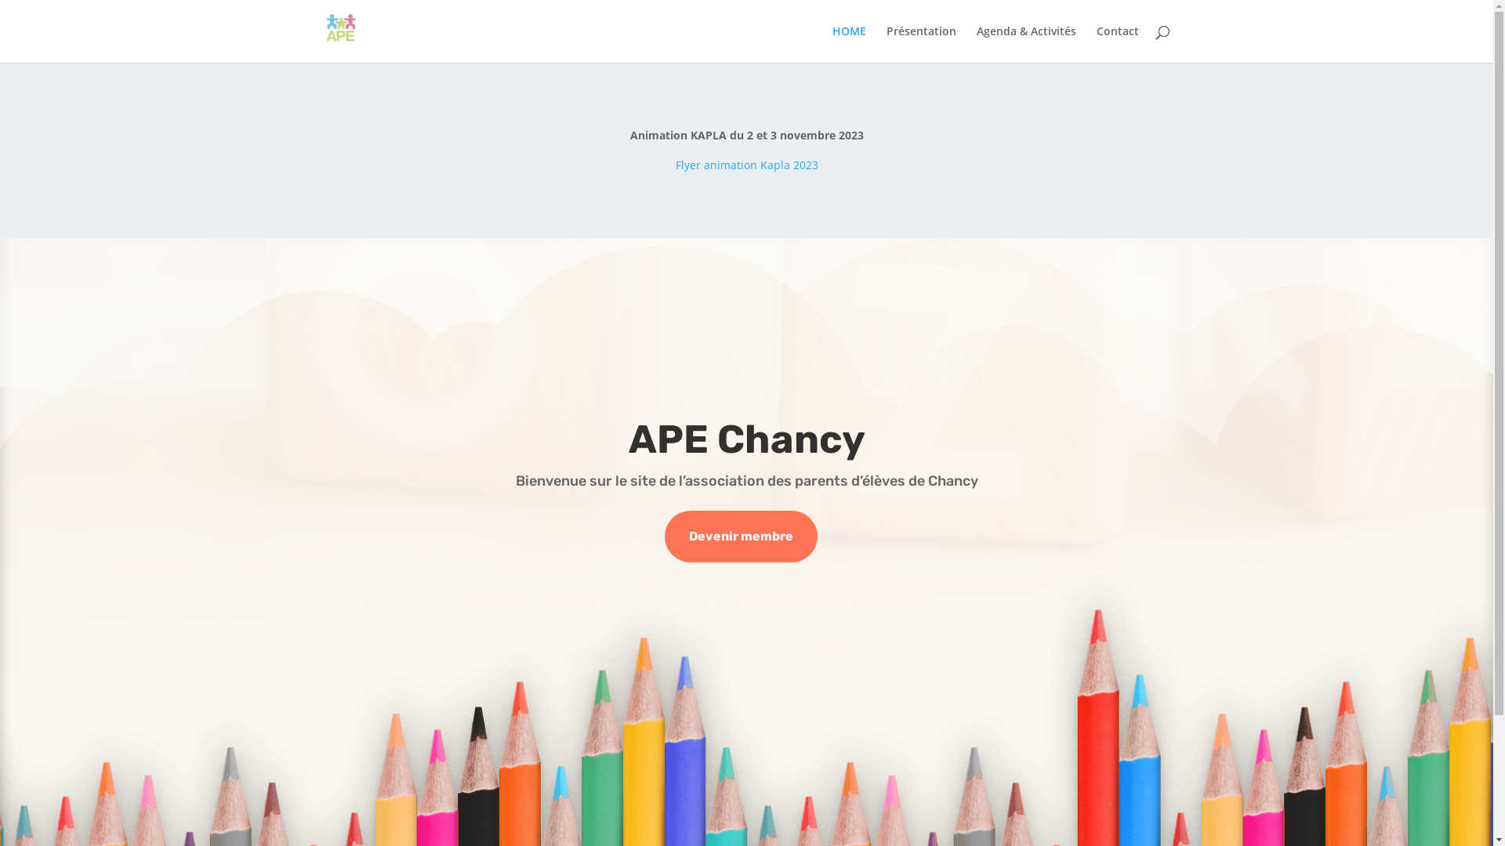 The height and width of the screenshot is (846, 1505). What do you see at coordinates (1116, 43) in the screenshot?
I see `'Contact'` at bounding box center [1116, 43].